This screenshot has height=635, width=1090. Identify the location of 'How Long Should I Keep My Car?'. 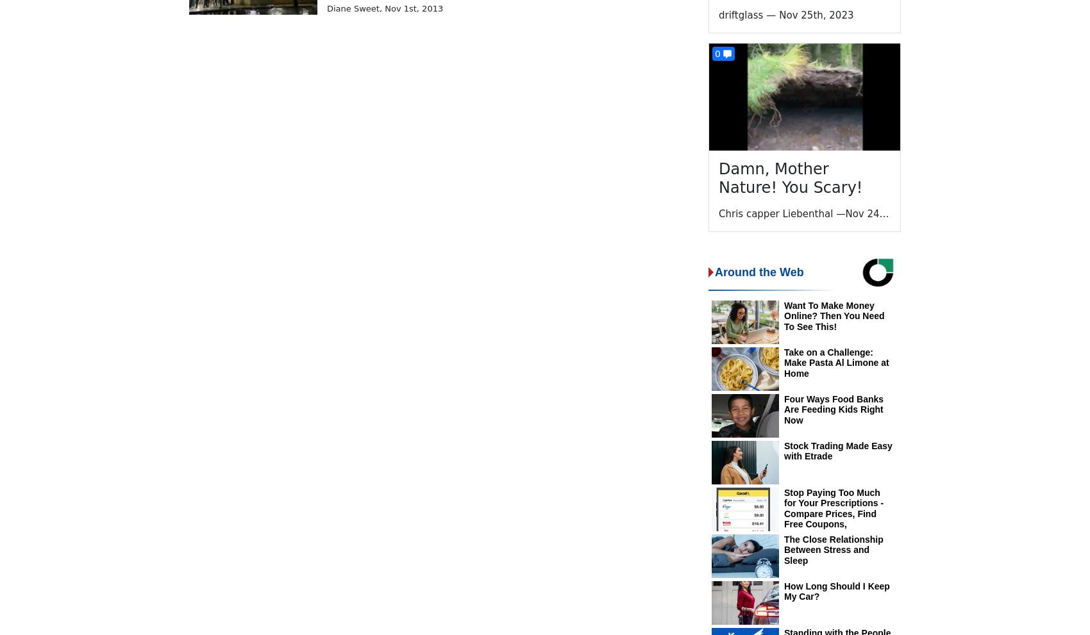
(836, 591).